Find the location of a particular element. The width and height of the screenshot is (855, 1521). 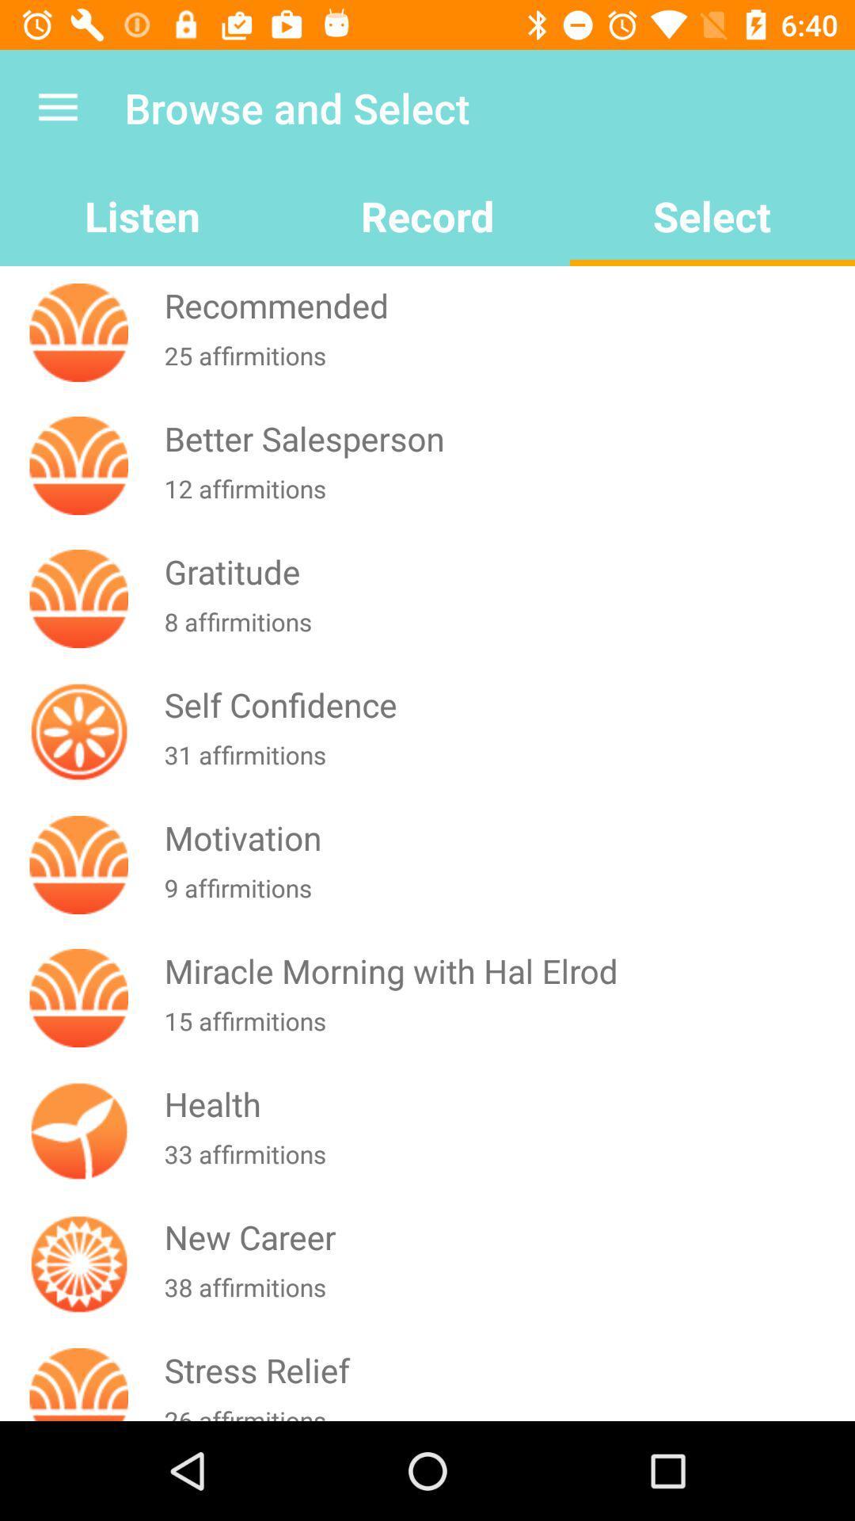

8 affirmitions is located at coordinates (506, 631).